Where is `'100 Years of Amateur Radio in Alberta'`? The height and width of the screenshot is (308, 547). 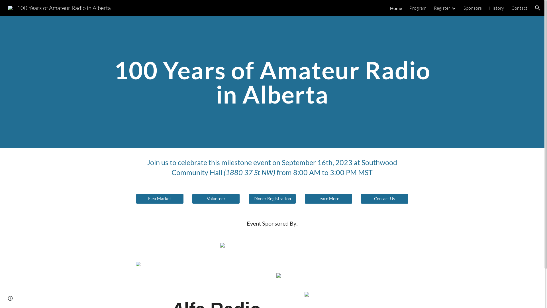 '100 Years of Amateur Radio in Alberta' is located at coordinates (59, 7).